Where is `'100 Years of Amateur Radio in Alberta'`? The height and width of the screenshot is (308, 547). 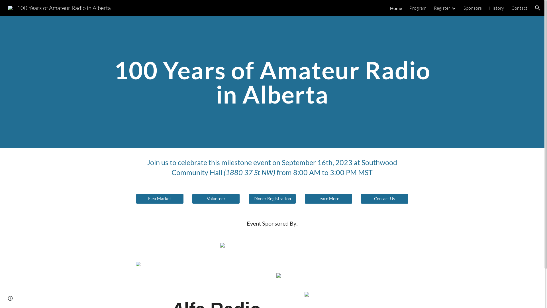 '100 Years of Amateur Radio in Alberta' is located at coordinates (59, 7).